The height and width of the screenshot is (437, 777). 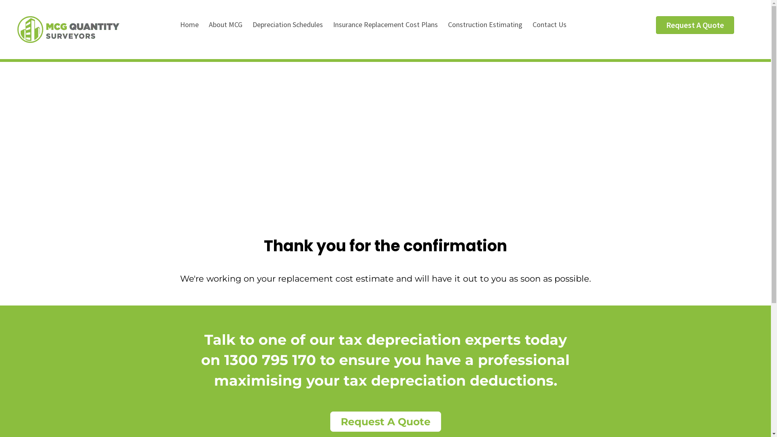 I want to click on 'About MCG', so click(x=230, y=23).